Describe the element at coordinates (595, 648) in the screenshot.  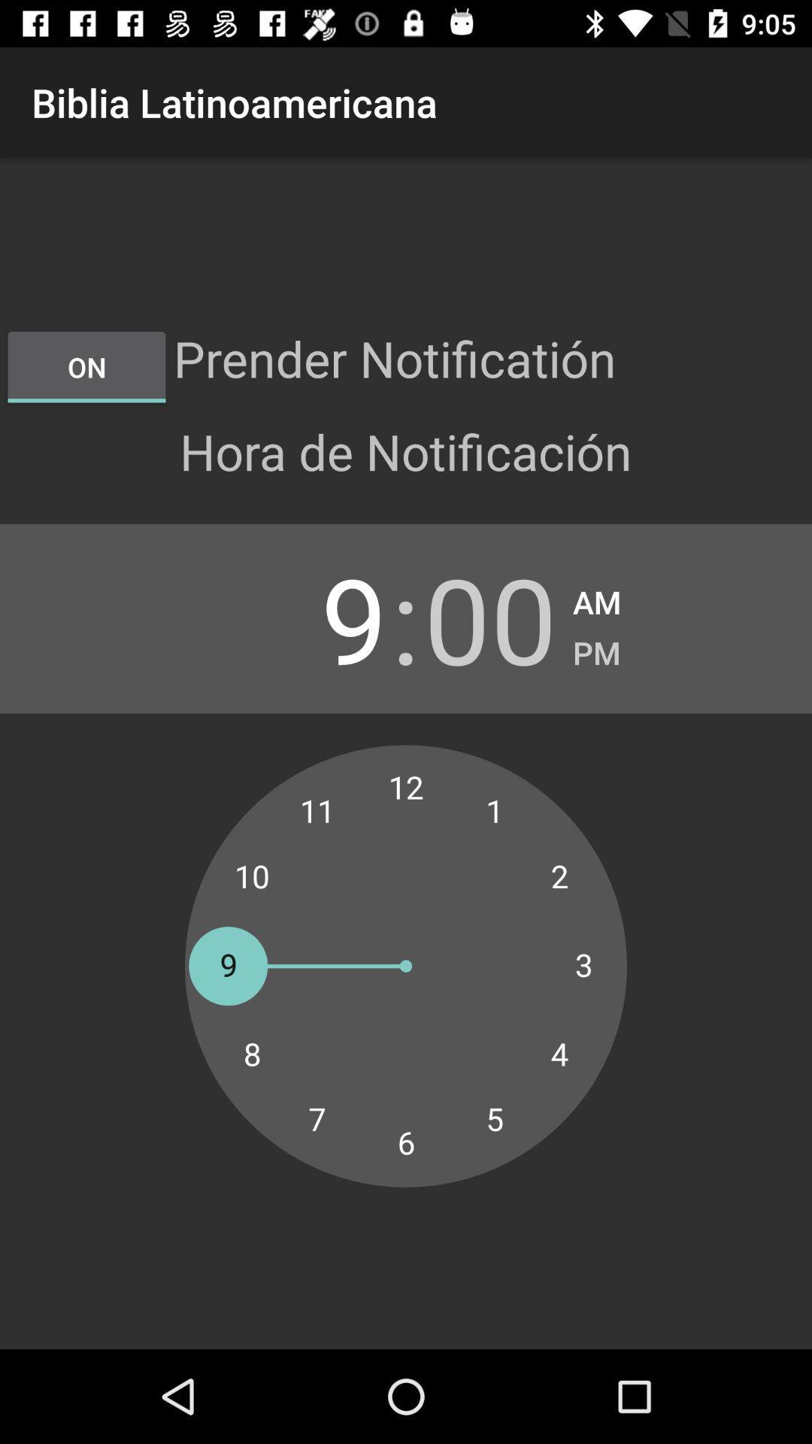
I see `the pm item` at that location.